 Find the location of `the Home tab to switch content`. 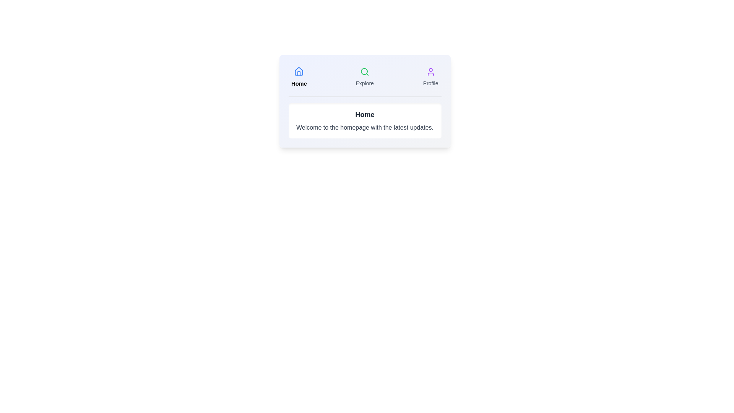

the Home tab to switch content is located at coordinates (299, 77).